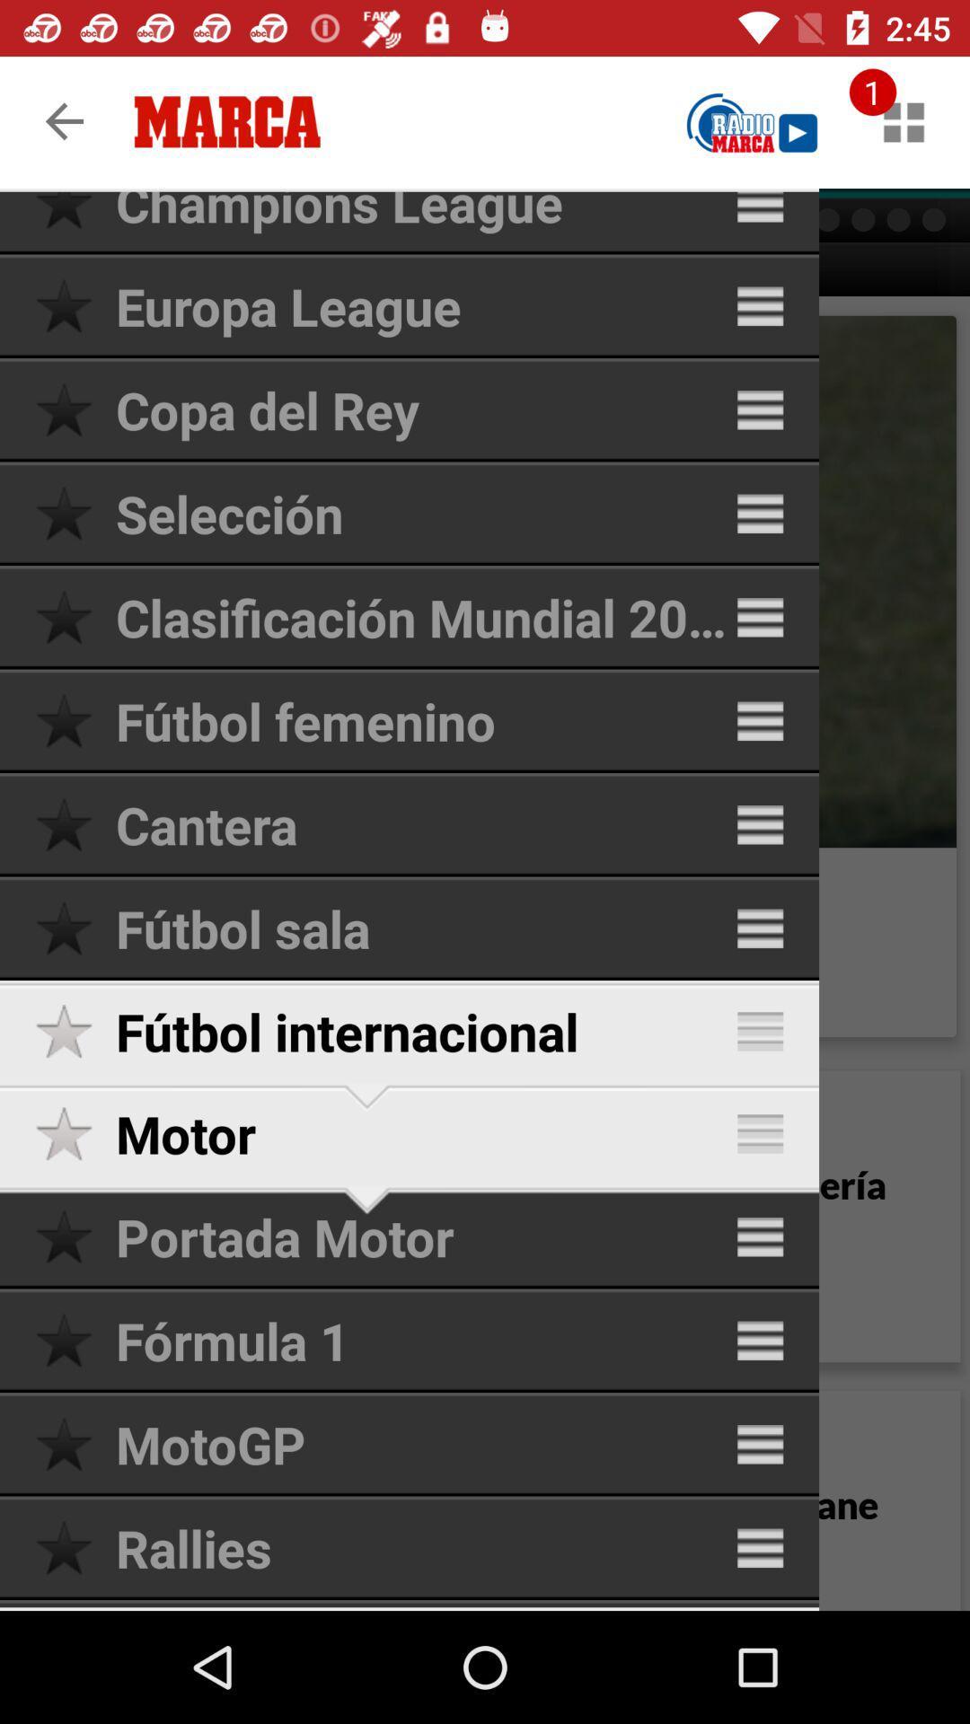 The image size is (970, 1724). What do you see at coordinates (75, 617) in the screenshot?
I see `the option which is left to the text clasiflcacion mundial 20` at bounding box center [75, 617].